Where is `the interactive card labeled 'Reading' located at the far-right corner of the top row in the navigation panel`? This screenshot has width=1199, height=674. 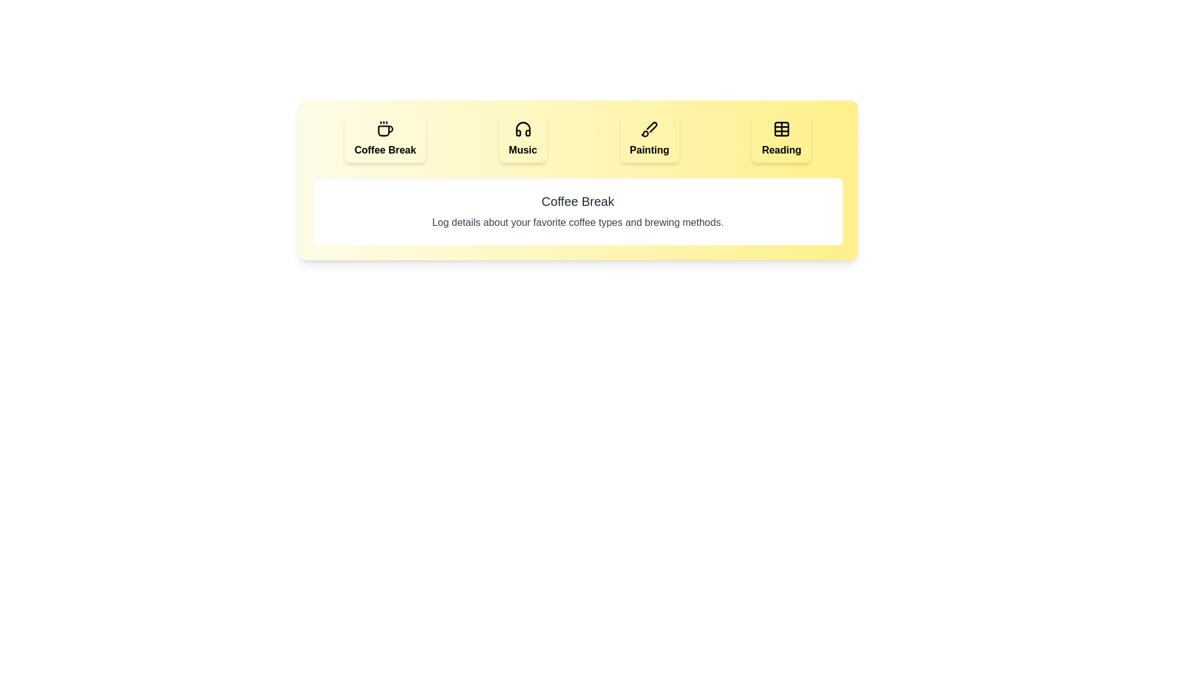 the interactive card labeled 'Reading' located at the far-right corner of the top row in the navigation panel is located at coordinates (781, 149).